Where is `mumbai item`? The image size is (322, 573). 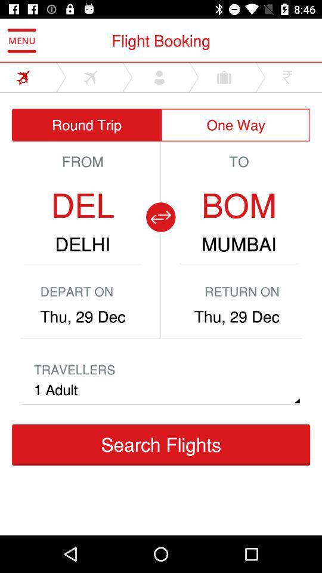 mumbai item is located at coordinates (239, 244).